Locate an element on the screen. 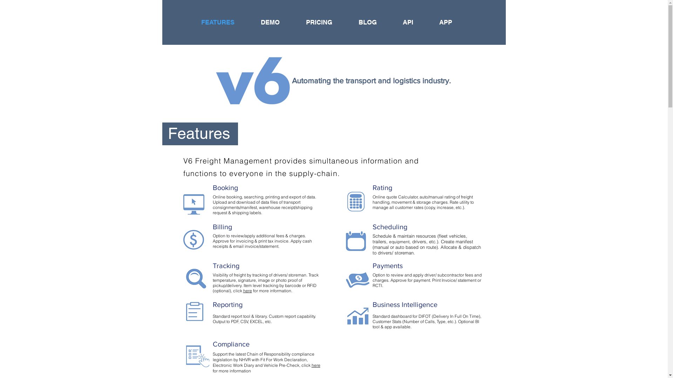  'PRICING' is located at coordinates (301, 22).